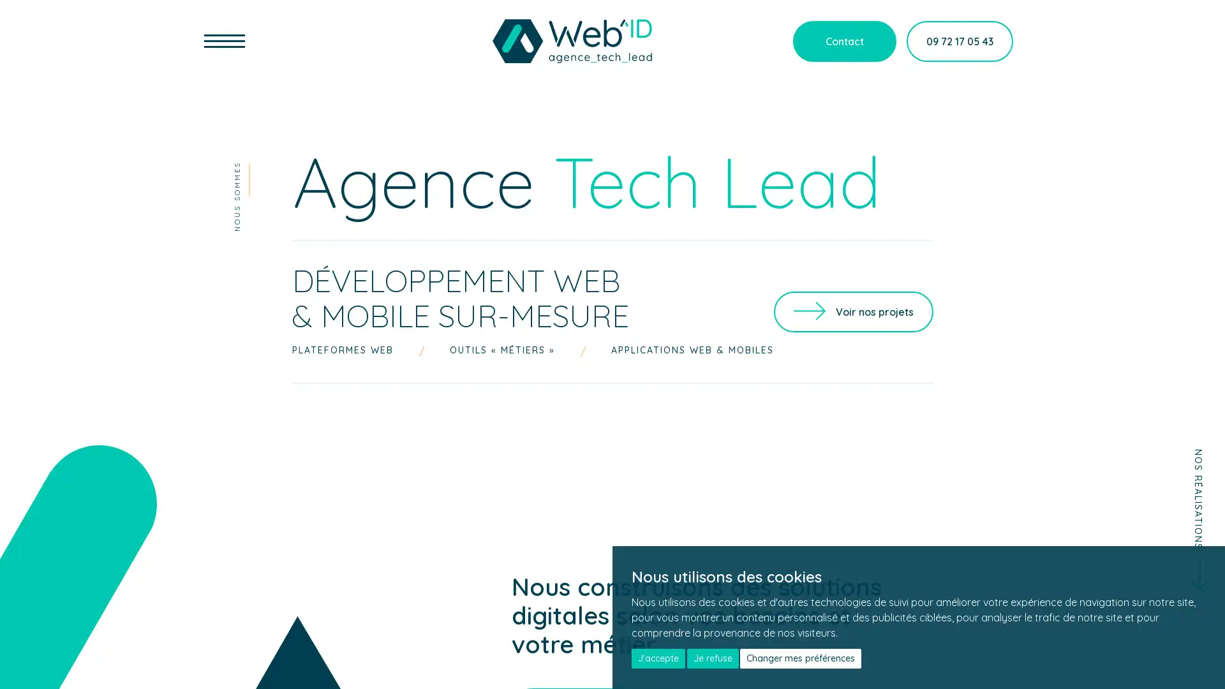 The width and height of the screenshot is (1225, 689). What do you see at coordinates (658, 658) in the screenshot?
I see `J'accepte` at bounding box center [658, 658].